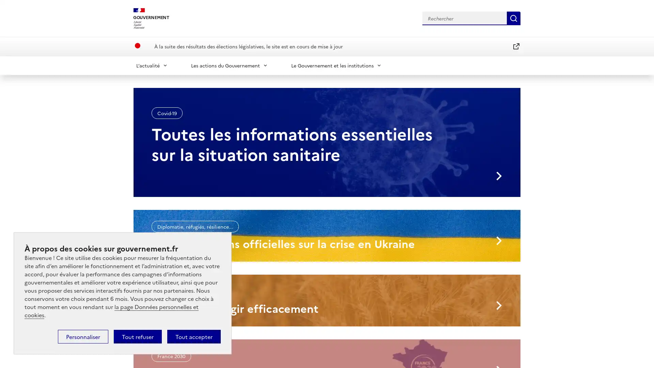 The image size is (654, 368). I want to click on Lactualite, so click(152, 65).